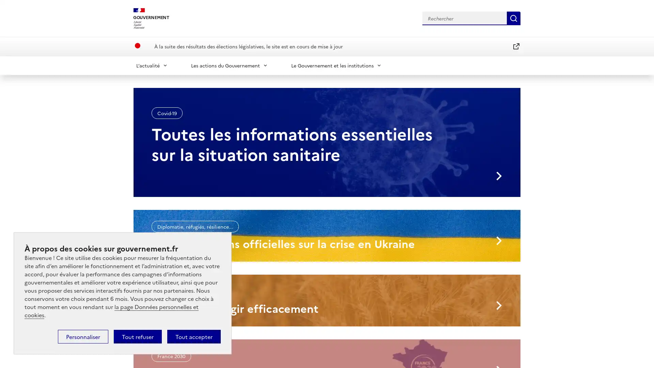 The image size is (654, 368). I want to click on Lactualite, so click(152, 65).